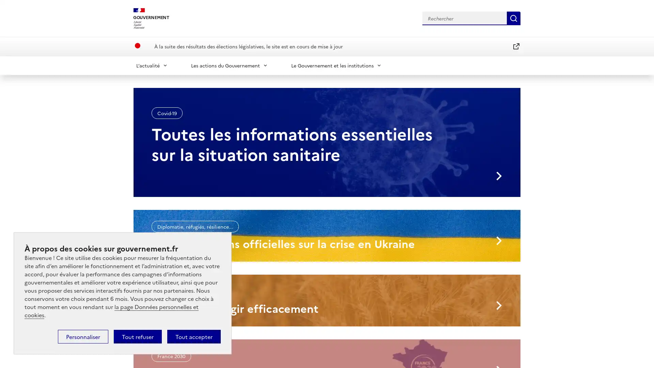 The image size is (654, 368). I want to click on Lactualite, so click(152, 65).